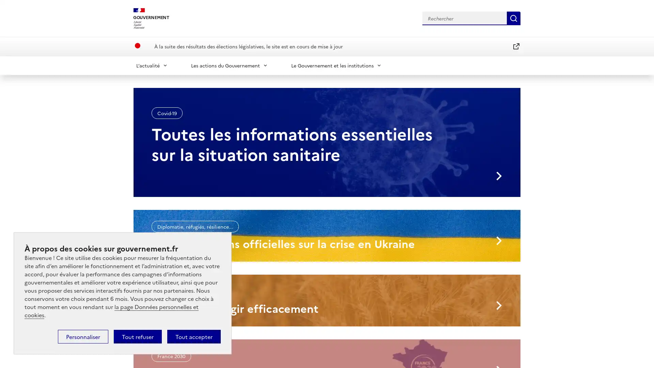 The image size is (654, 368). I want to click on Lactualite, so click(152, 65).